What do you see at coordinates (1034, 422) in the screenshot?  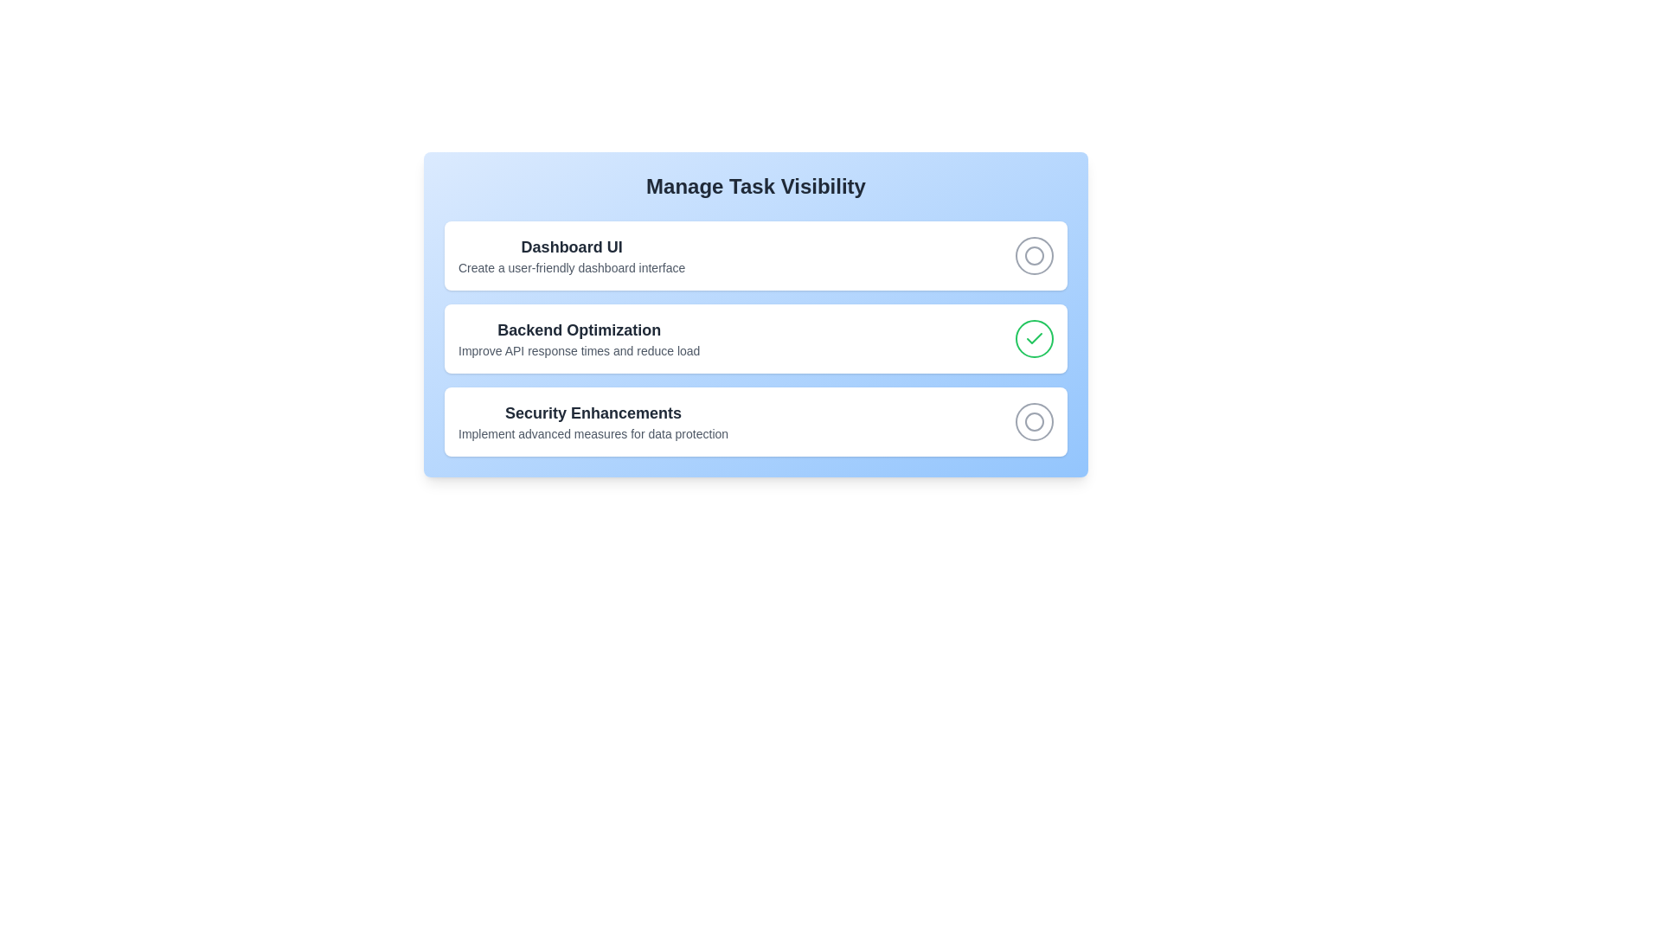 I see `the checkbox containing the circular icon that indicates the state of the 'Security Enhancements' option, which is the third option in the vertical stack of options` at bounding box center [1034, 422].